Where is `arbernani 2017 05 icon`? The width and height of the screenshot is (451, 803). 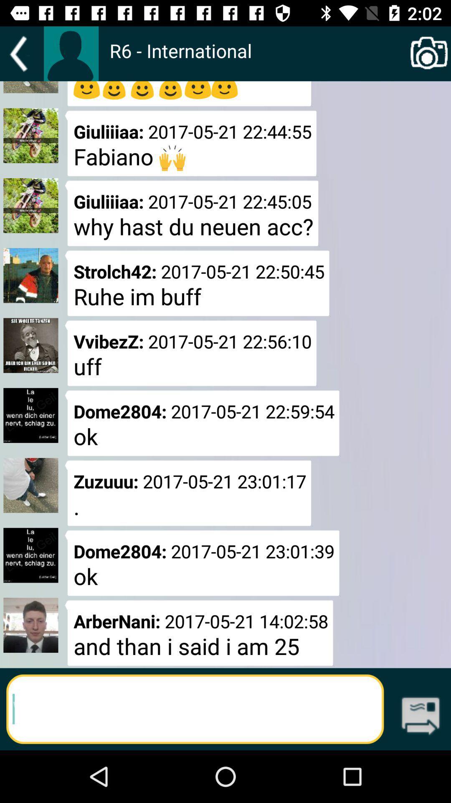 arbernani 2017 05 icon is located at coordinates (199, 633).